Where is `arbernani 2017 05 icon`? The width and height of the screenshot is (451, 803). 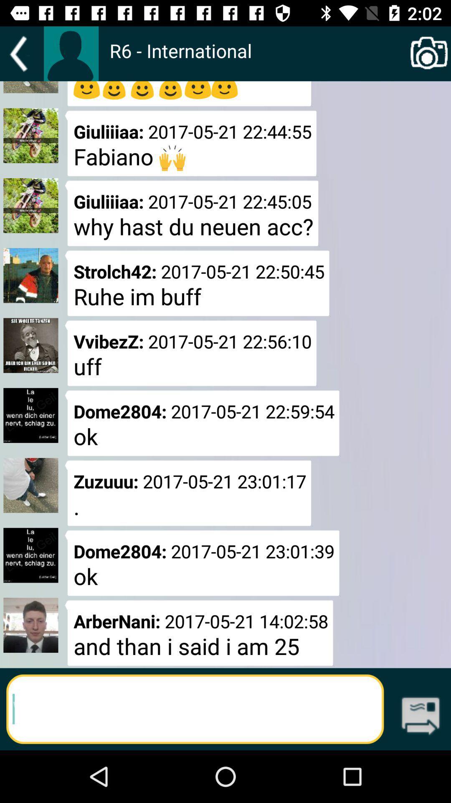 arbernani 2017 05 icon is located at coordinates (199, 633).